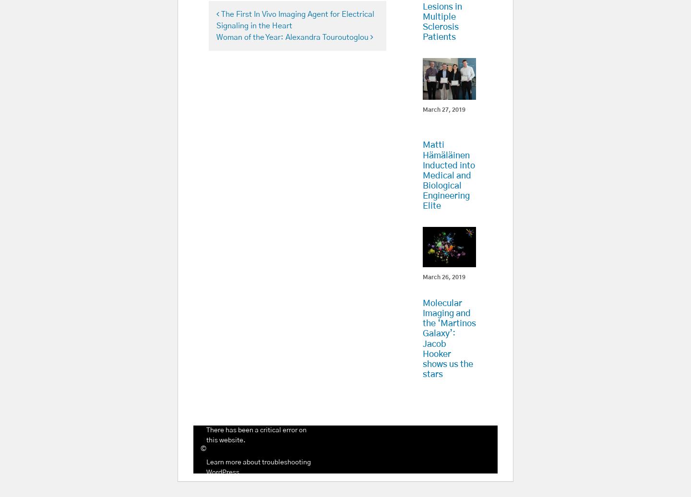  What do you see at coordinates (256, 435) in the screenshot?
I see `'There has been a critical error on this website.'` at bounding box center [256, 435].